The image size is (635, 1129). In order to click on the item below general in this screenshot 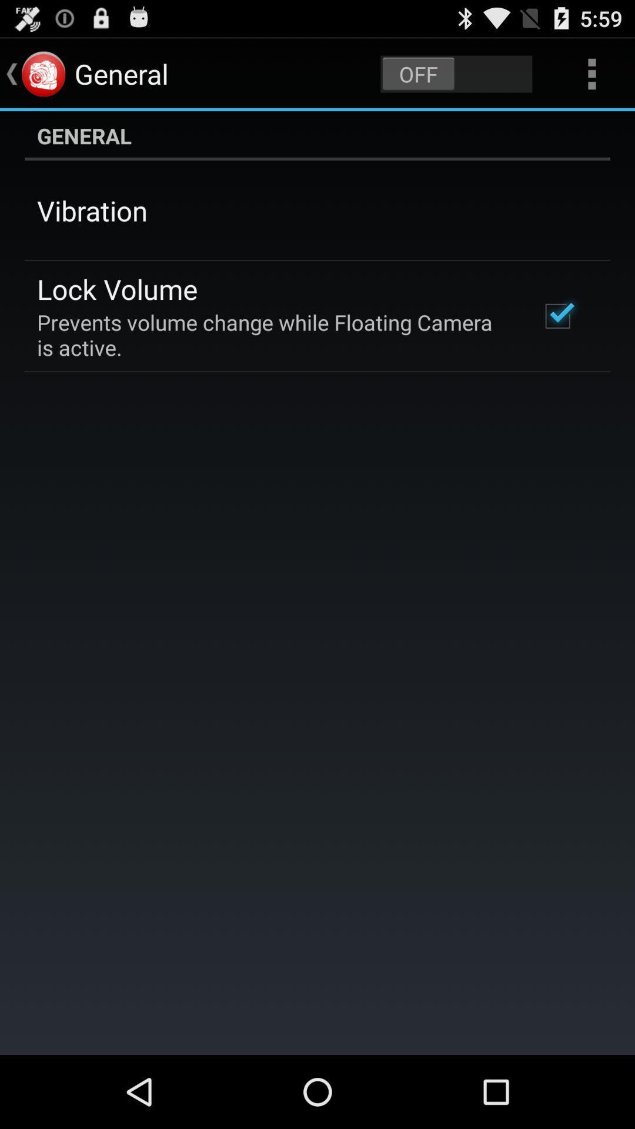, I will do `click(557, 316)`.